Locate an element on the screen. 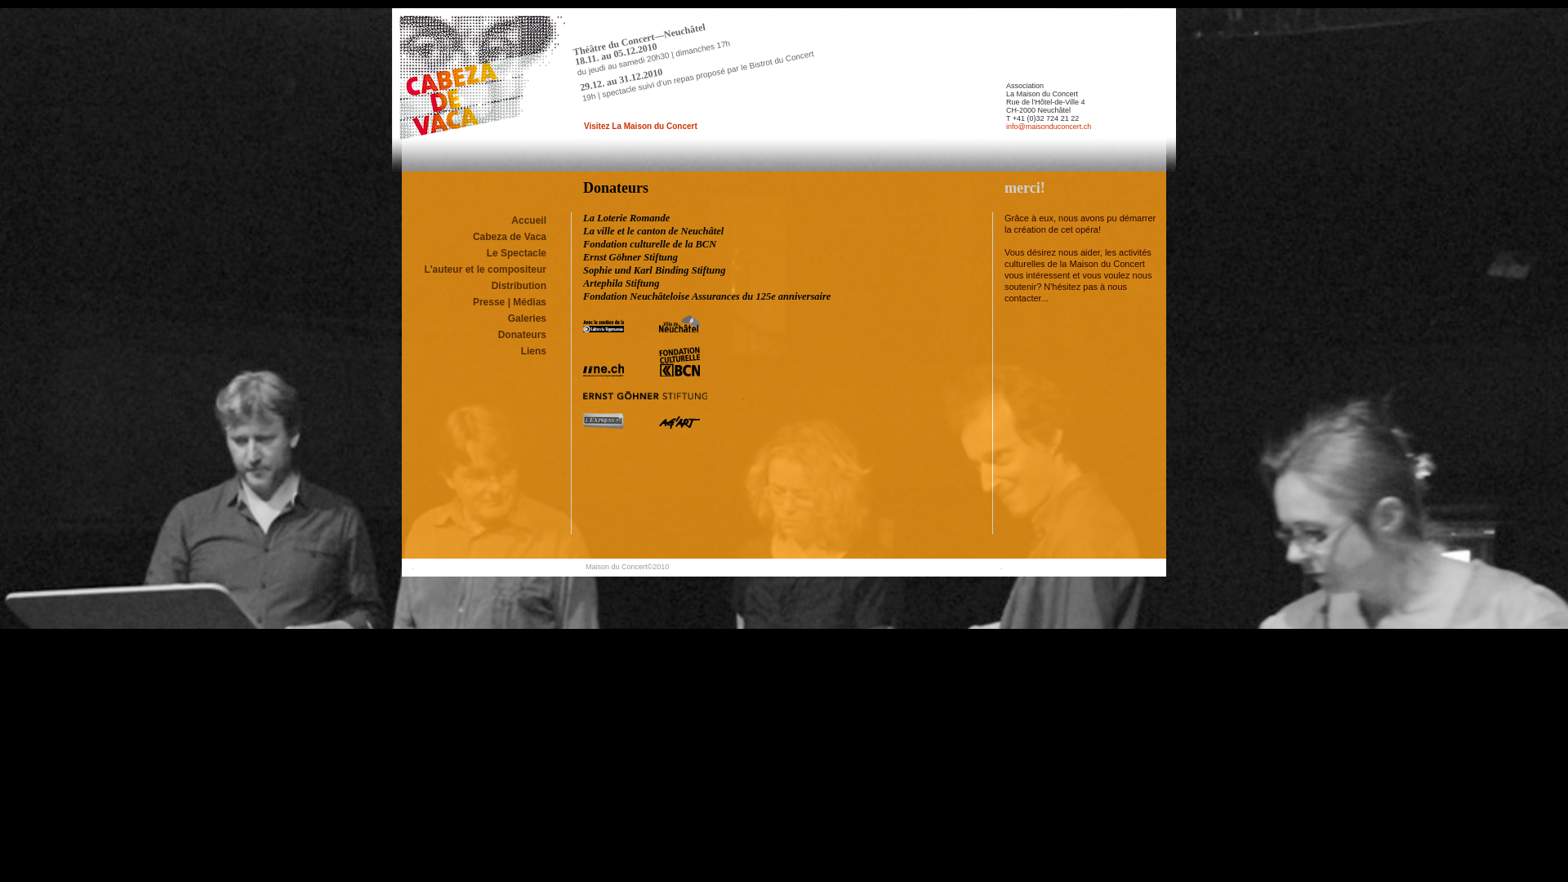  'Galeries' is located at coordinates (527, 318).